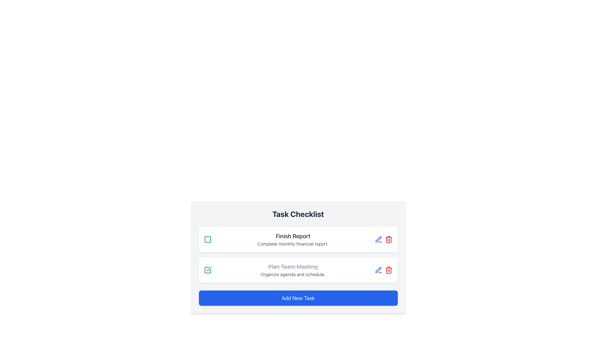 This screenshot has height=344, width=612. I want to click on the second Task display card in the 'Task Checklist' section, which contains a green checkmark icon and the text 'Plan Team Meeting' with a line-through, so click(298, 270).